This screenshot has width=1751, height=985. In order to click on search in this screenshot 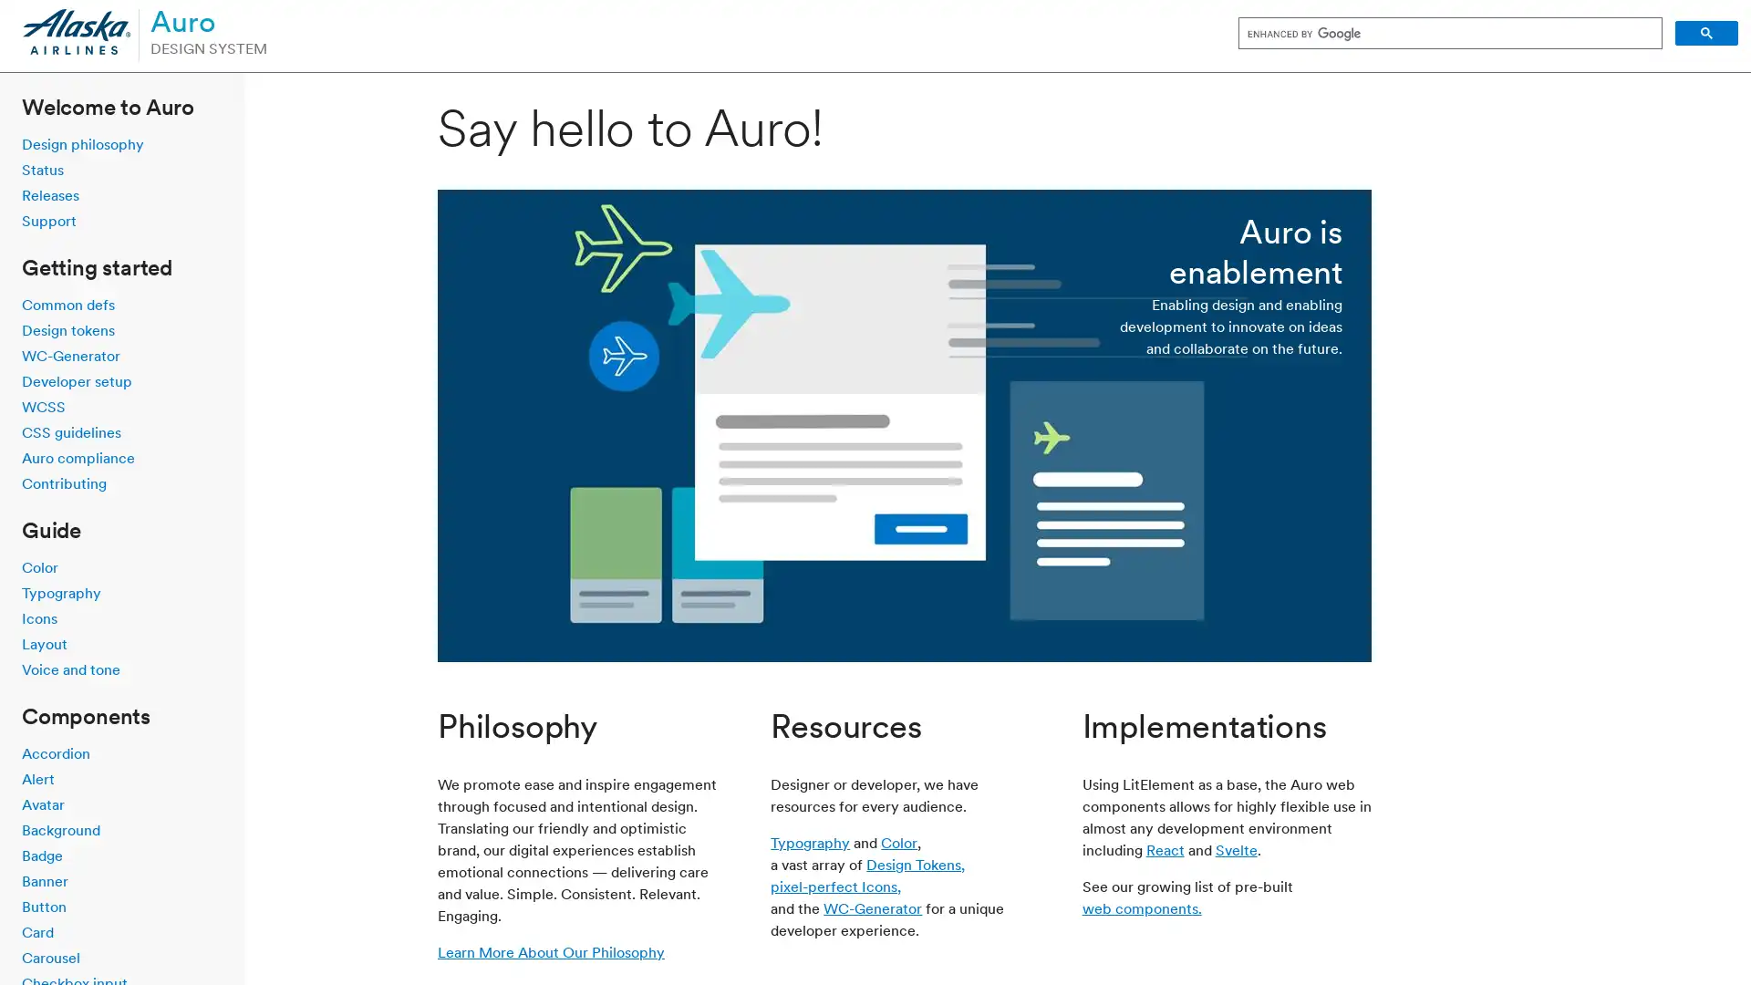, I will do `click(1705, 33)`.